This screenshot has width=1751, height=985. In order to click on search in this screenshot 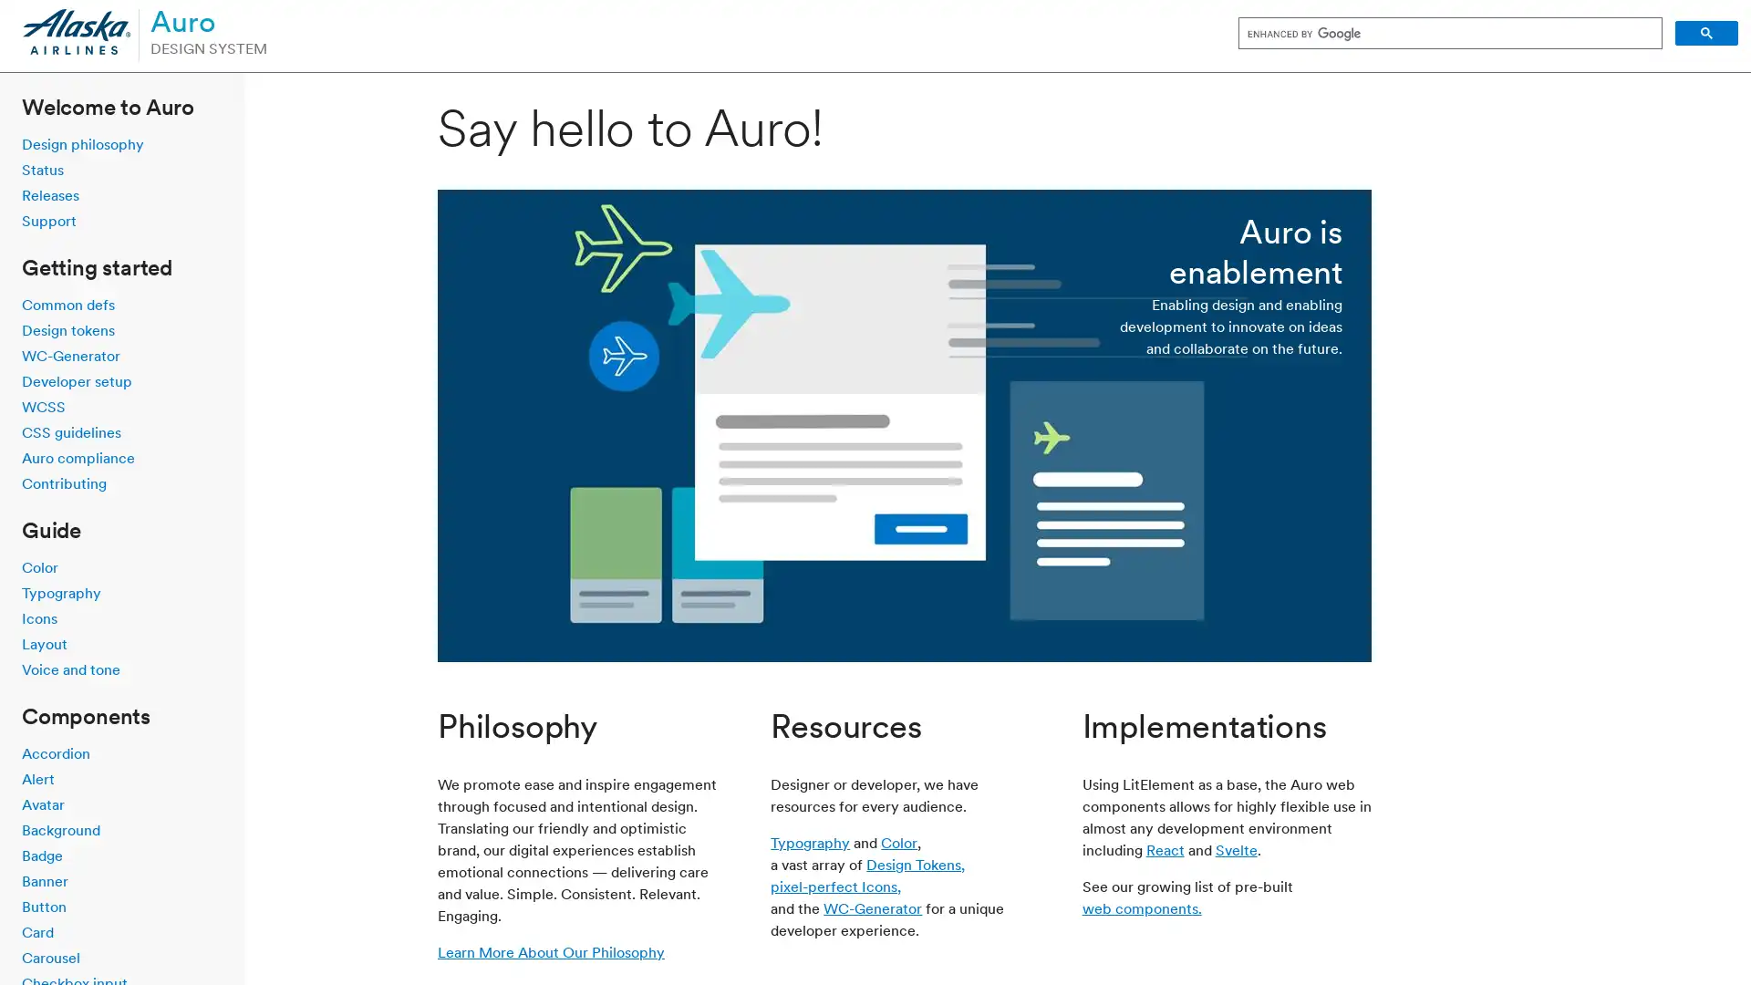, I will do `click(1705, 33)`.